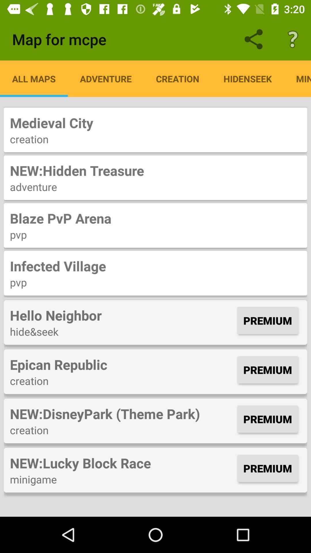 This screenshot has width=311, height=553. I want to click on the icon to the left of the premium, so click(122, 364).